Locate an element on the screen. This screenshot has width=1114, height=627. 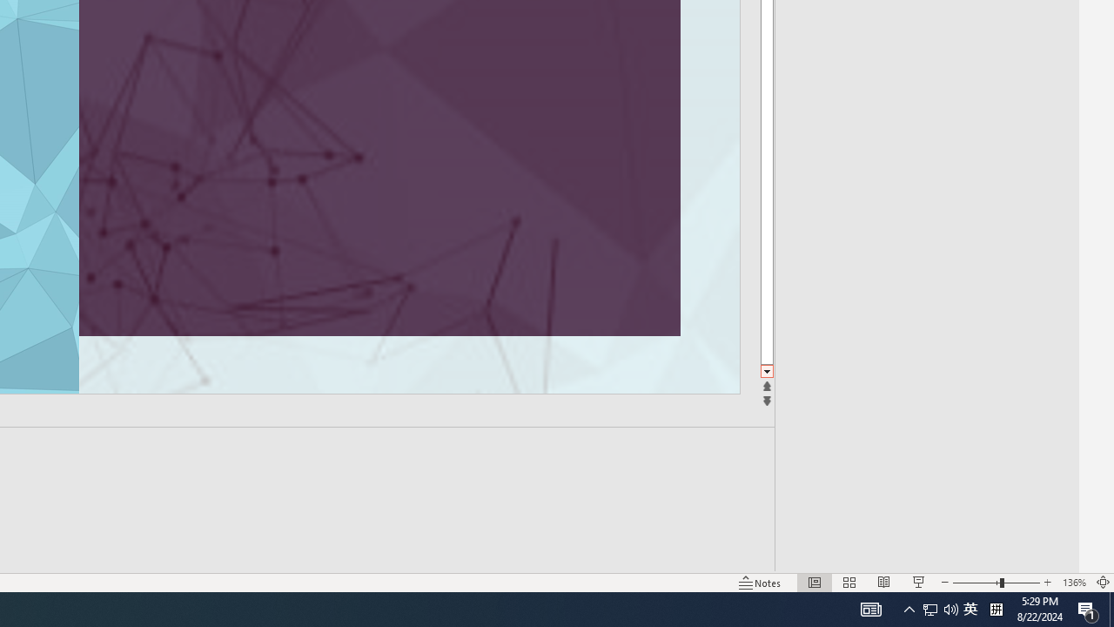
'Zoom 136%' is located at coordinates (1073, 583).